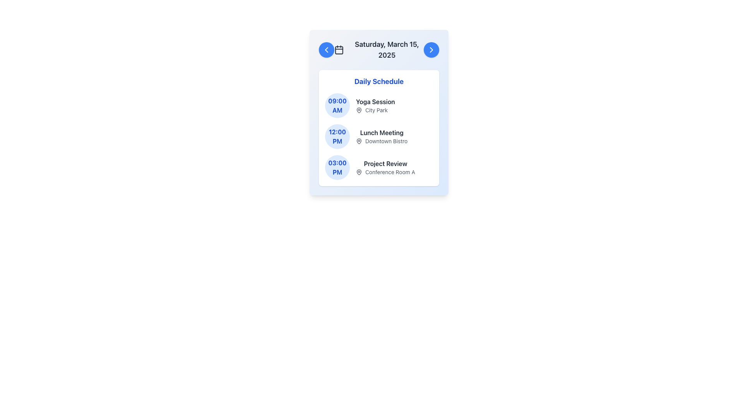  Describe the element at coordinates (337, 106) in the screenshot. I see `the Circular Time Indicator that visually represents the time '09:00 AM' for the Yoga Session event` at that location.